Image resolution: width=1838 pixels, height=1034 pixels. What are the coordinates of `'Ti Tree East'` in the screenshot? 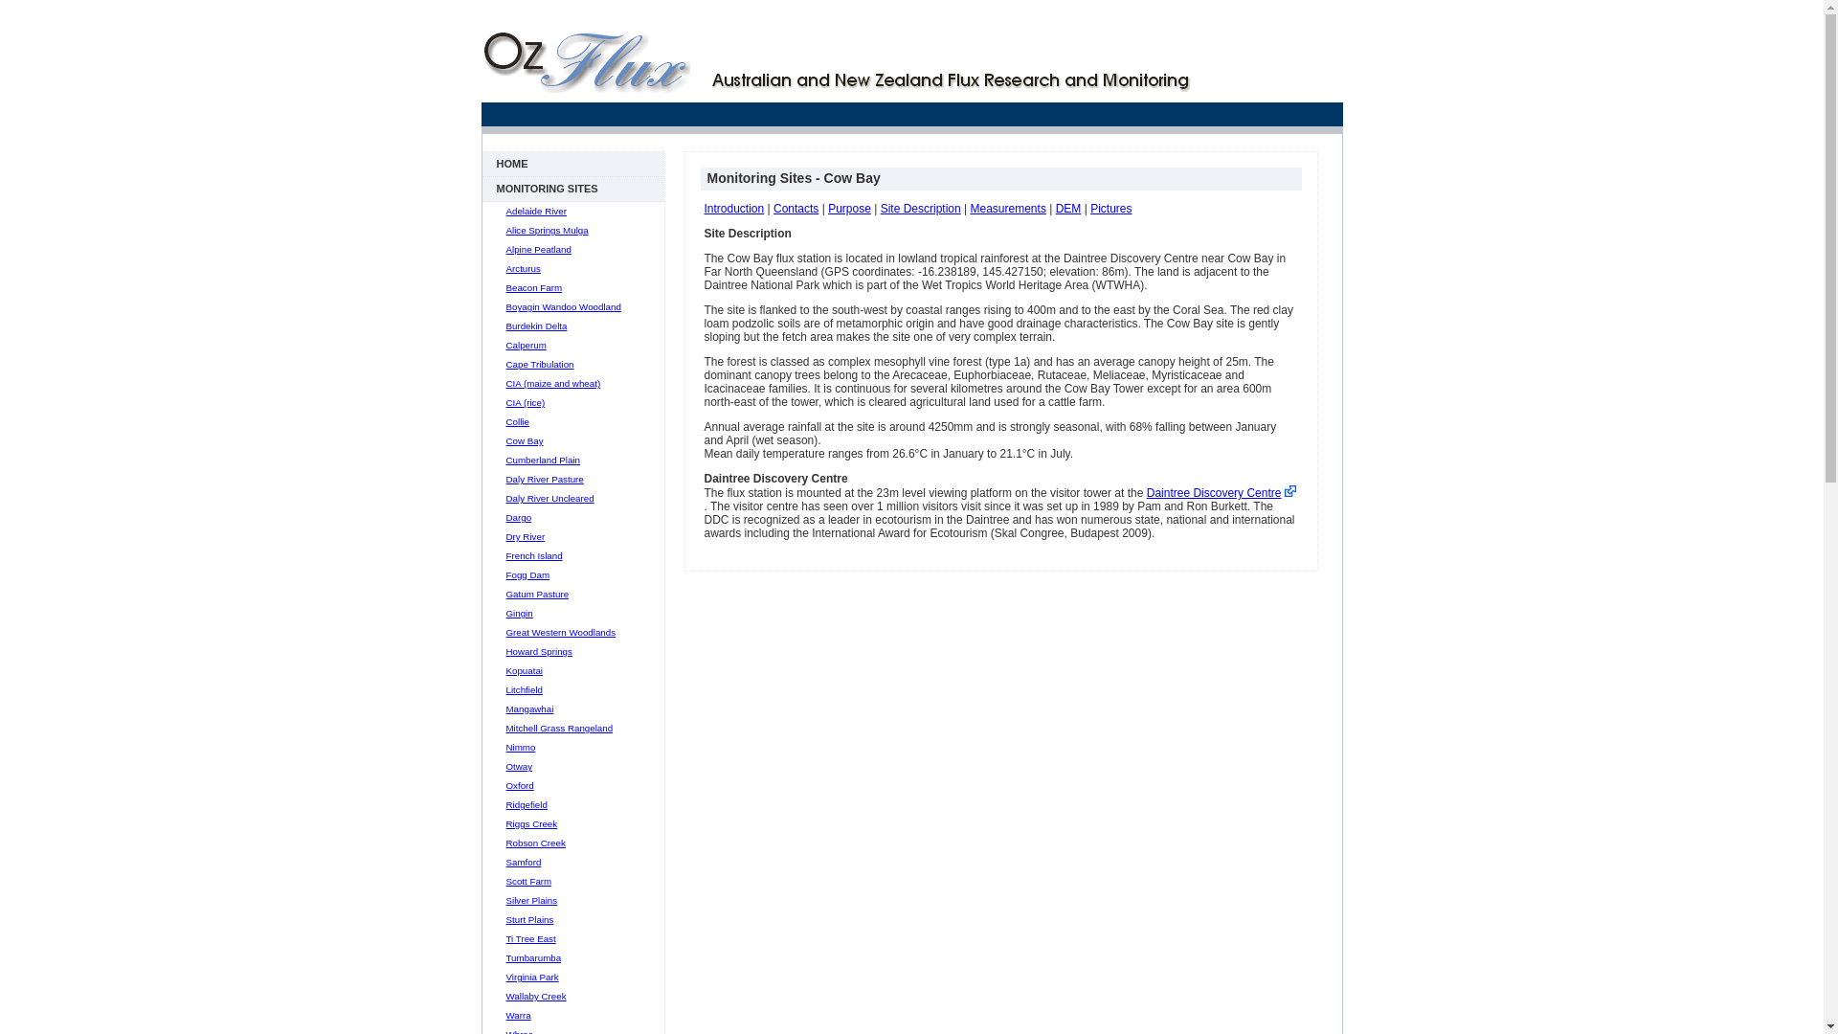 It's located at (529, 937).